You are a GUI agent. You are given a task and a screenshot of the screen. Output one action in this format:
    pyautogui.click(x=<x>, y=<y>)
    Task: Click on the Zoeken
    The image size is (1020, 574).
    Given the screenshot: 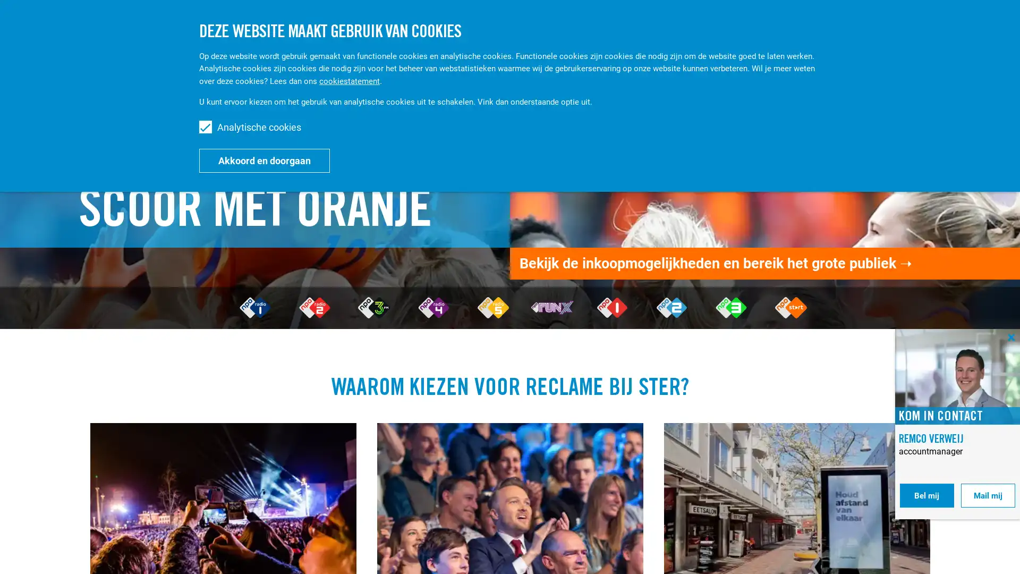 What is the action you would take?
    pyautogui.click(x=910, y=26)
    